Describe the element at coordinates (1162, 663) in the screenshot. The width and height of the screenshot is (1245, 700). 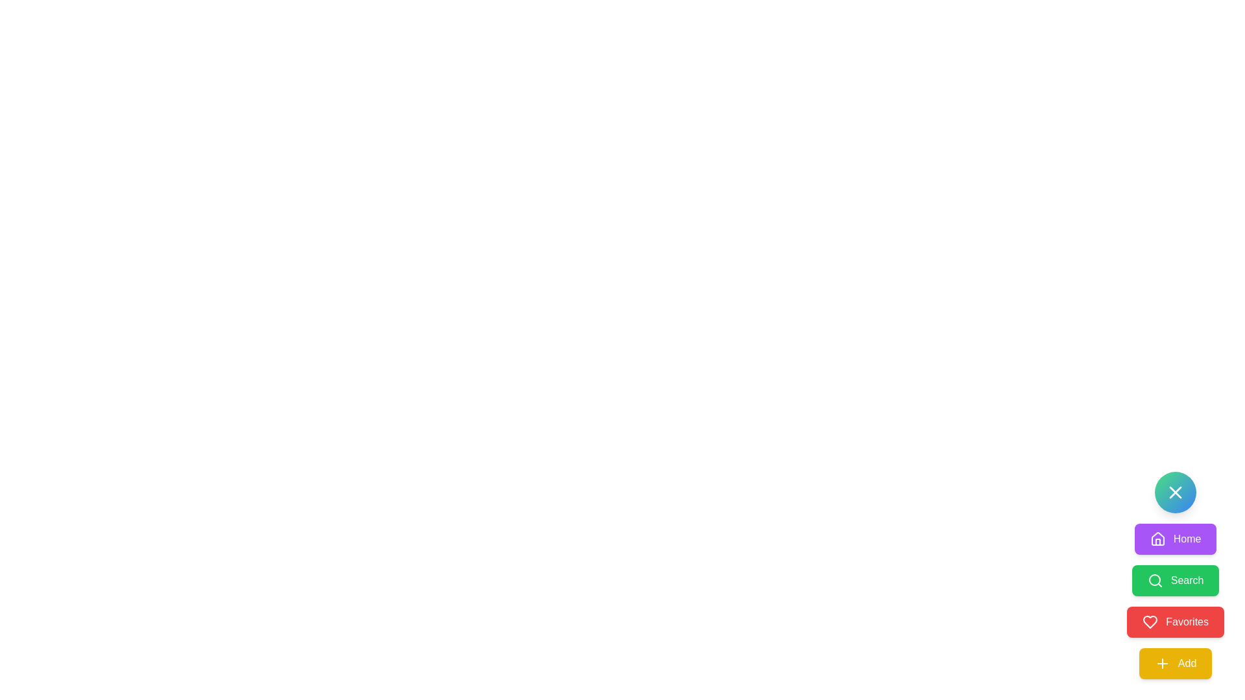
I see `the icon inside the 'Add' button, located at the bottom of the vertical stack of buttons on the right side of the interface` at that location.